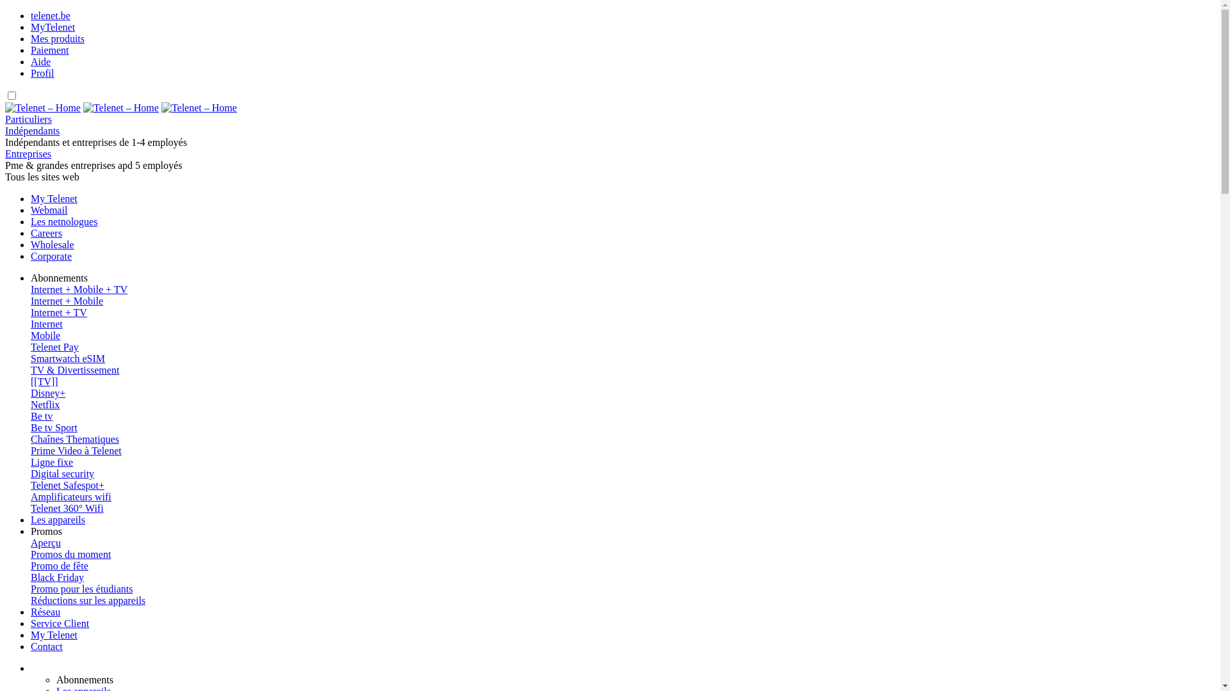 This screenshot has width=1230, height=691. I want to click on 'Telenet Safespot+', so click(67, 485).